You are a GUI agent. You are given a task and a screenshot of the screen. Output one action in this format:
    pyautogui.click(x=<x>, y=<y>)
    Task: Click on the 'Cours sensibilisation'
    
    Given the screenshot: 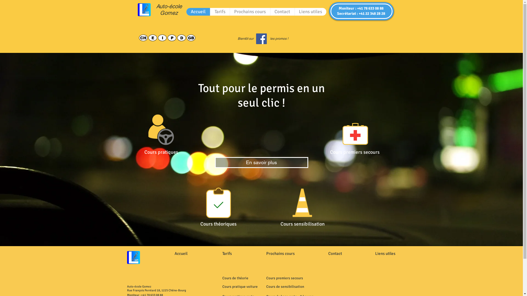 What is the action you would take?
    pyautogui.click(x=302, y=224)
    